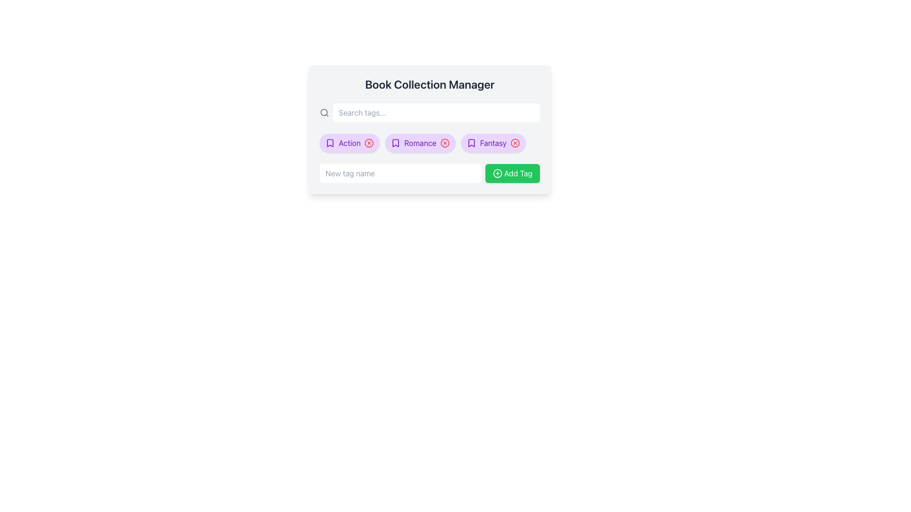  What do you see at coordinates (396, 143) in the screenshot?
I see `the bookmark icon located within the purple 'Romance' tag in the 'Book Collection Manager' interface, positioned to the left of the circle and 'x' icon` at bounding box center [396, 143].